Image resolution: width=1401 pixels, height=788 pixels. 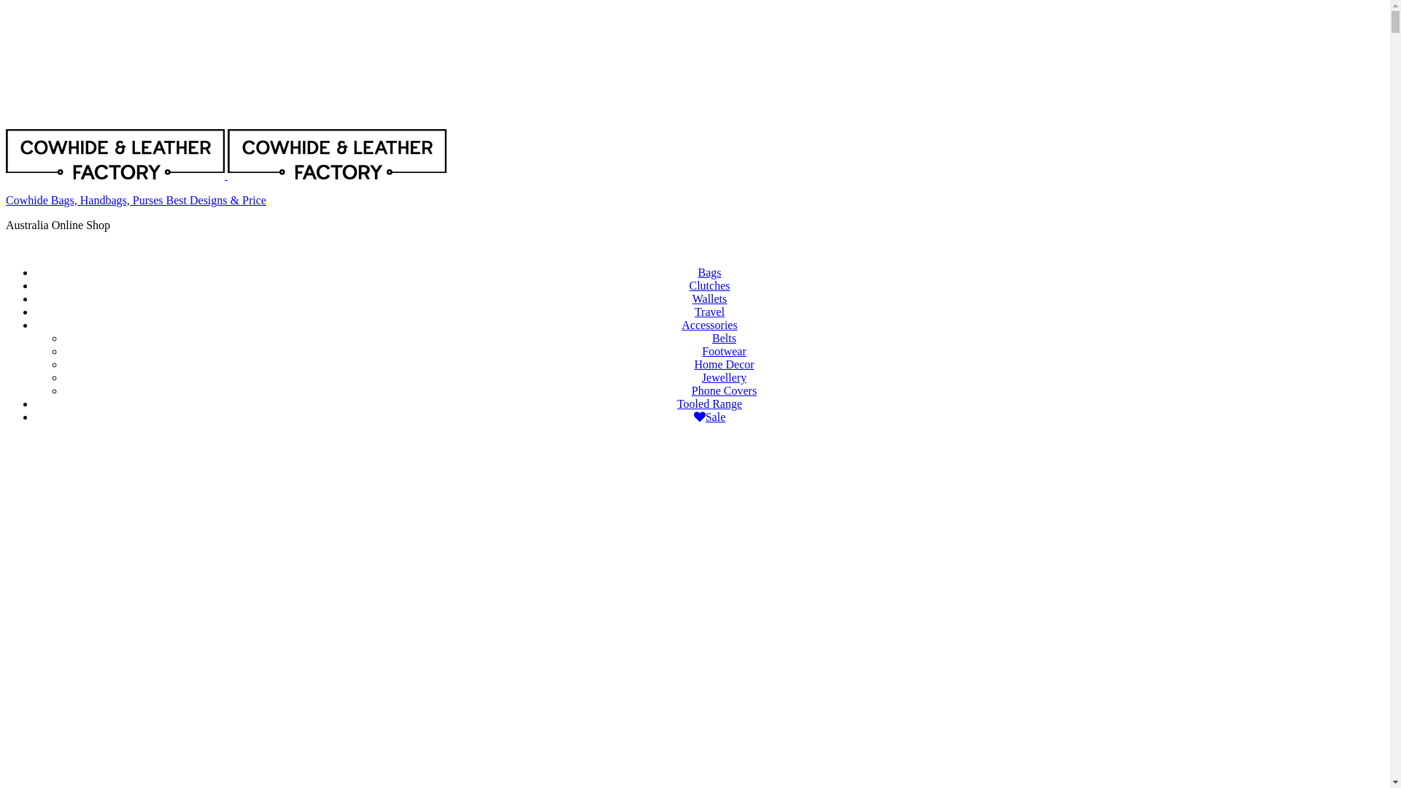 What do you see at coordinates (710, 298) in the screenshot?
I see `'Wallets'` at bounding box center [710, 298].